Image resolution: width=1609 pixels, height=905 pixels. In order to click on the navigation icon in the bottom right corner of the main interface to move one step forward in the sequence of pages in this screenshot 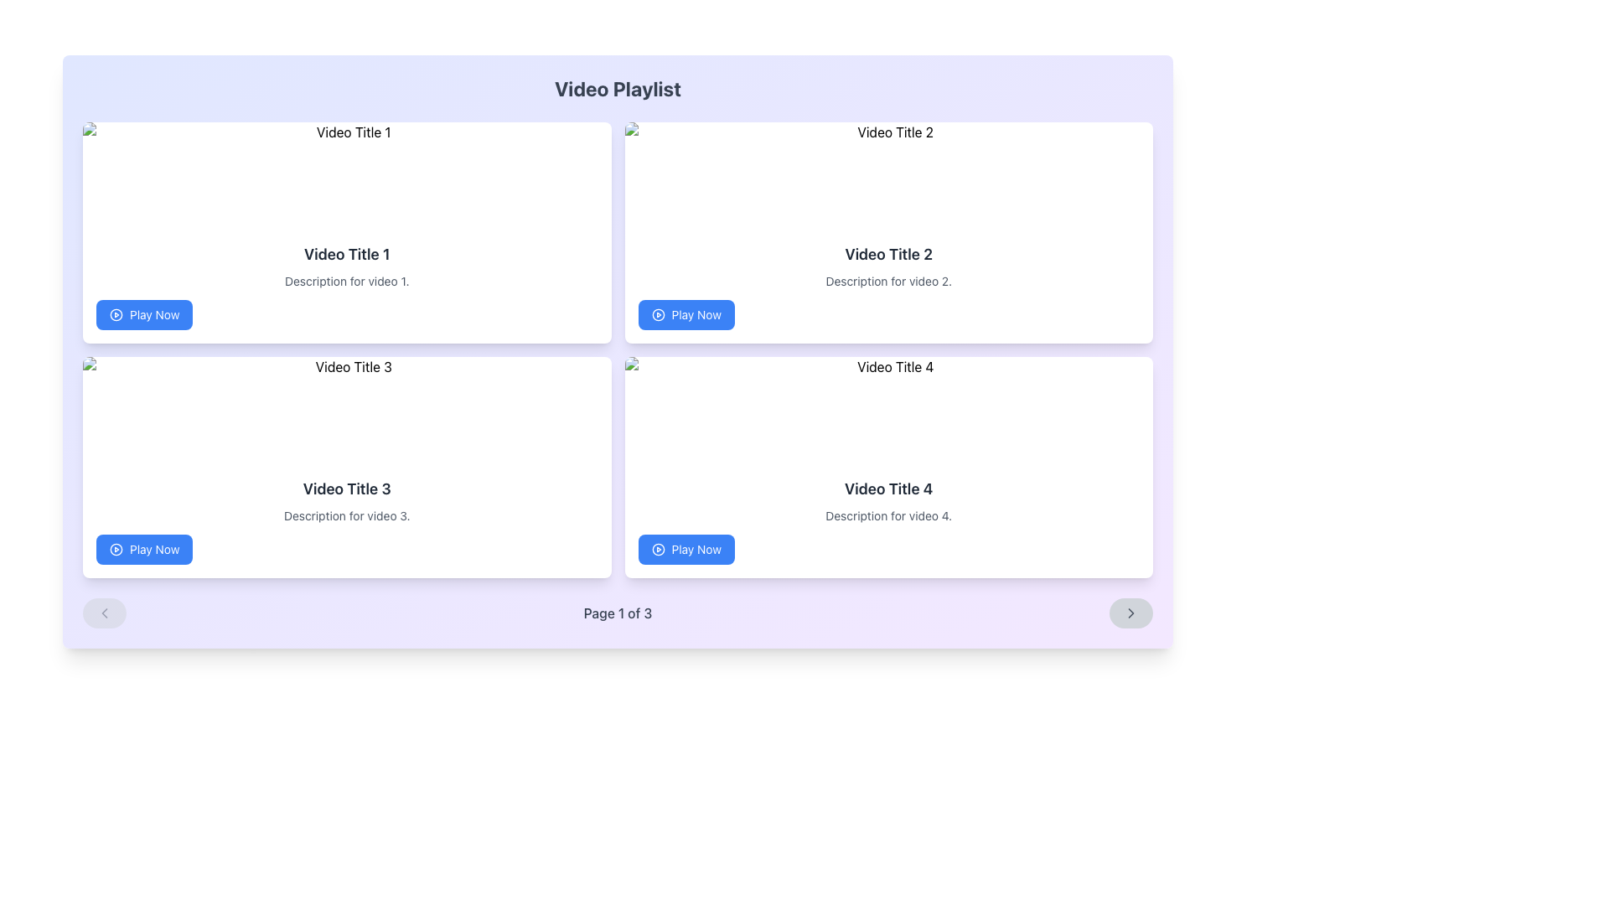, I will do `click(1130, 613)`.